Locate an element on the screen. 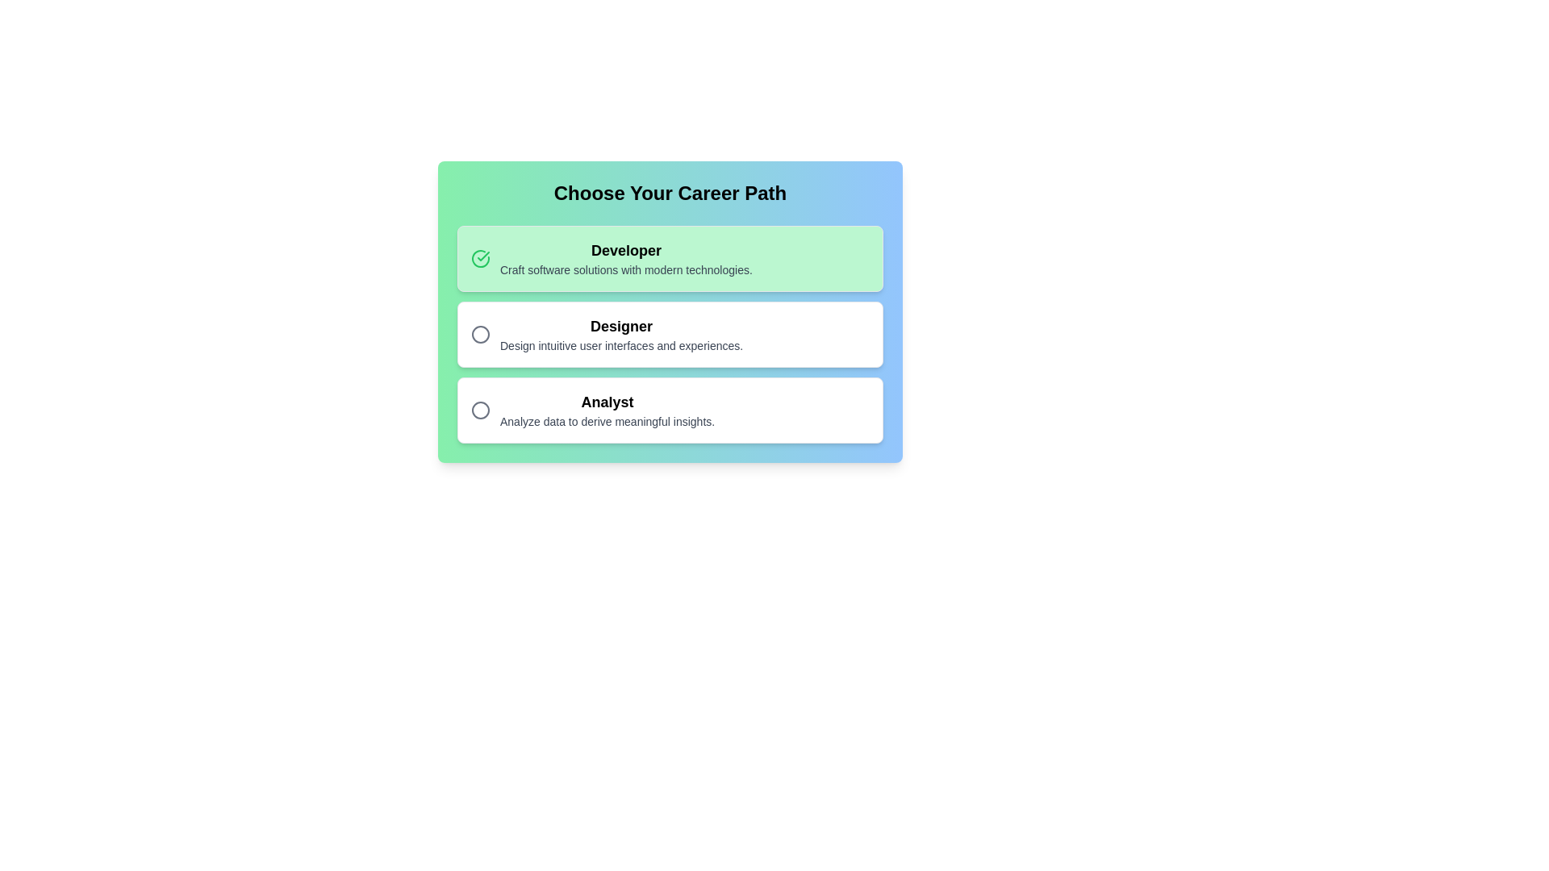 The height and width of the screenshot is (871, 1549). the text block that displays information about the 'Analyst' career choice, which is located in the third card of a vertically-aligned selection interface beneath the 'Designer' card is located at coordinates (607, 410).